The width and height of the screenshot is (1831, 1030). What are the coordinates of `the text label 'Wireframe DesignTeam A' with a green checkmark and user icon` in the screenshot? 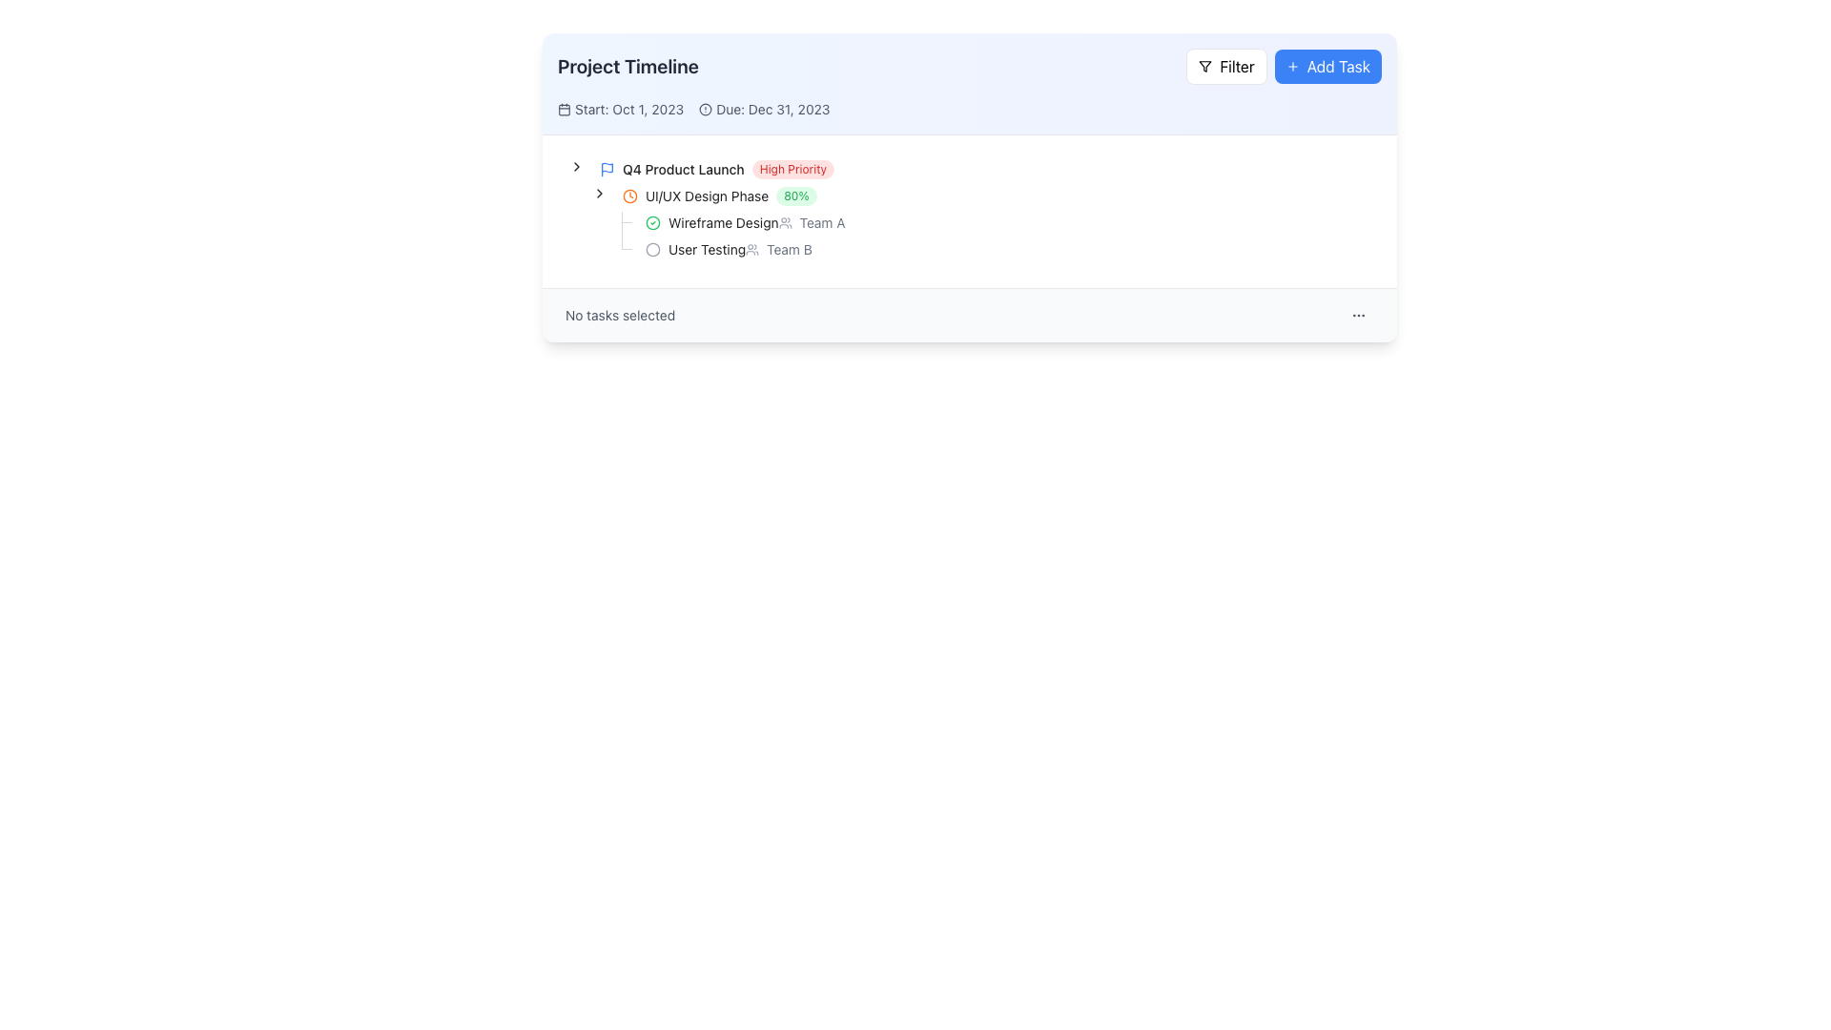 It's located at (751, 222).